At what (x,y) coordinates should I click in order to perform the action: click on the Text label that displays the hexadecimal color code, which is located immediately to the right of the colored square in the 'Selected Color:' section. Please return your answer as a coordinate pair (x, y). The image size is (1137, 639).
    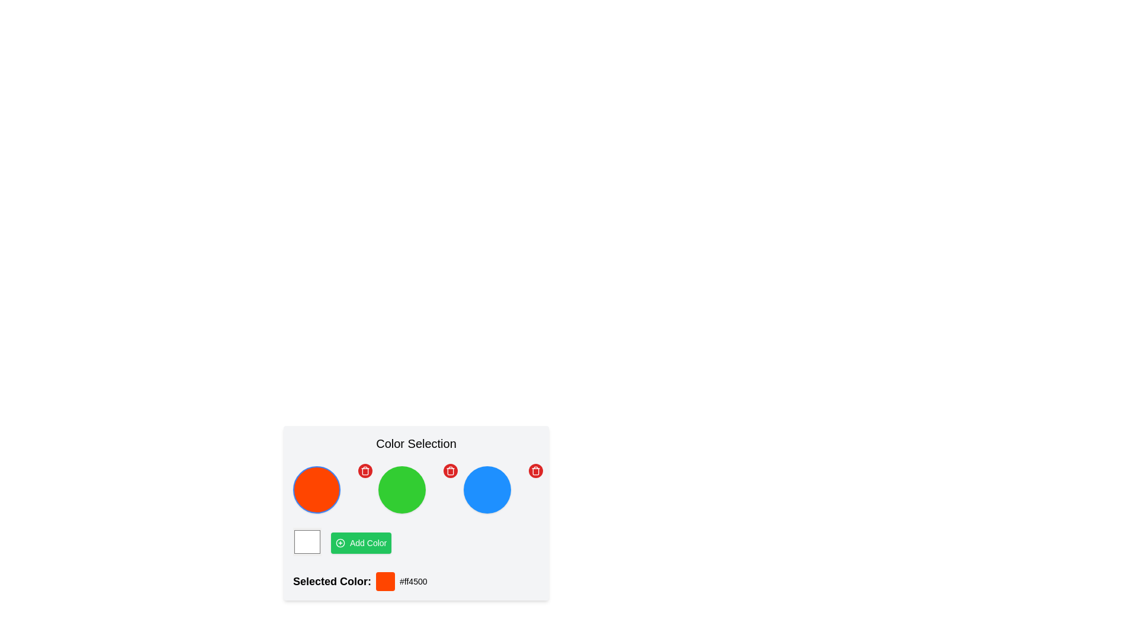
    Looking at the image, I should click on (413, 581).